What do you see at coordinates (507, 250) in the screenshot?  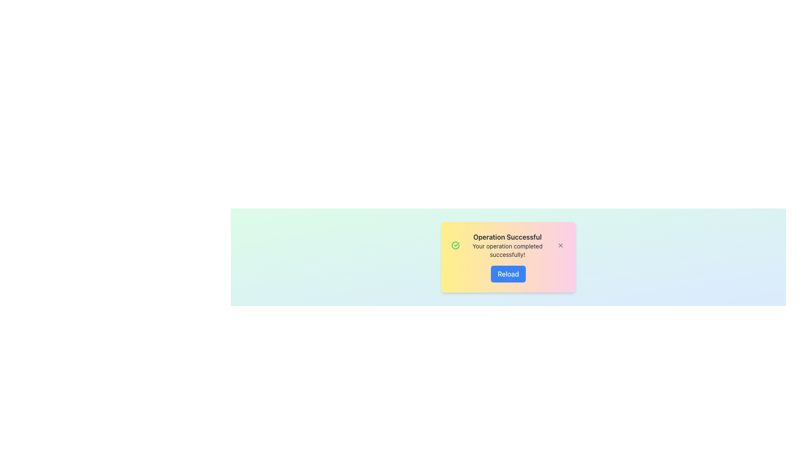 I see `the text label displaying 'Your operation completed successfully!' which is located directly below the heading 'Operation Successful' in the notification modal` at bounding box center [507, 250].